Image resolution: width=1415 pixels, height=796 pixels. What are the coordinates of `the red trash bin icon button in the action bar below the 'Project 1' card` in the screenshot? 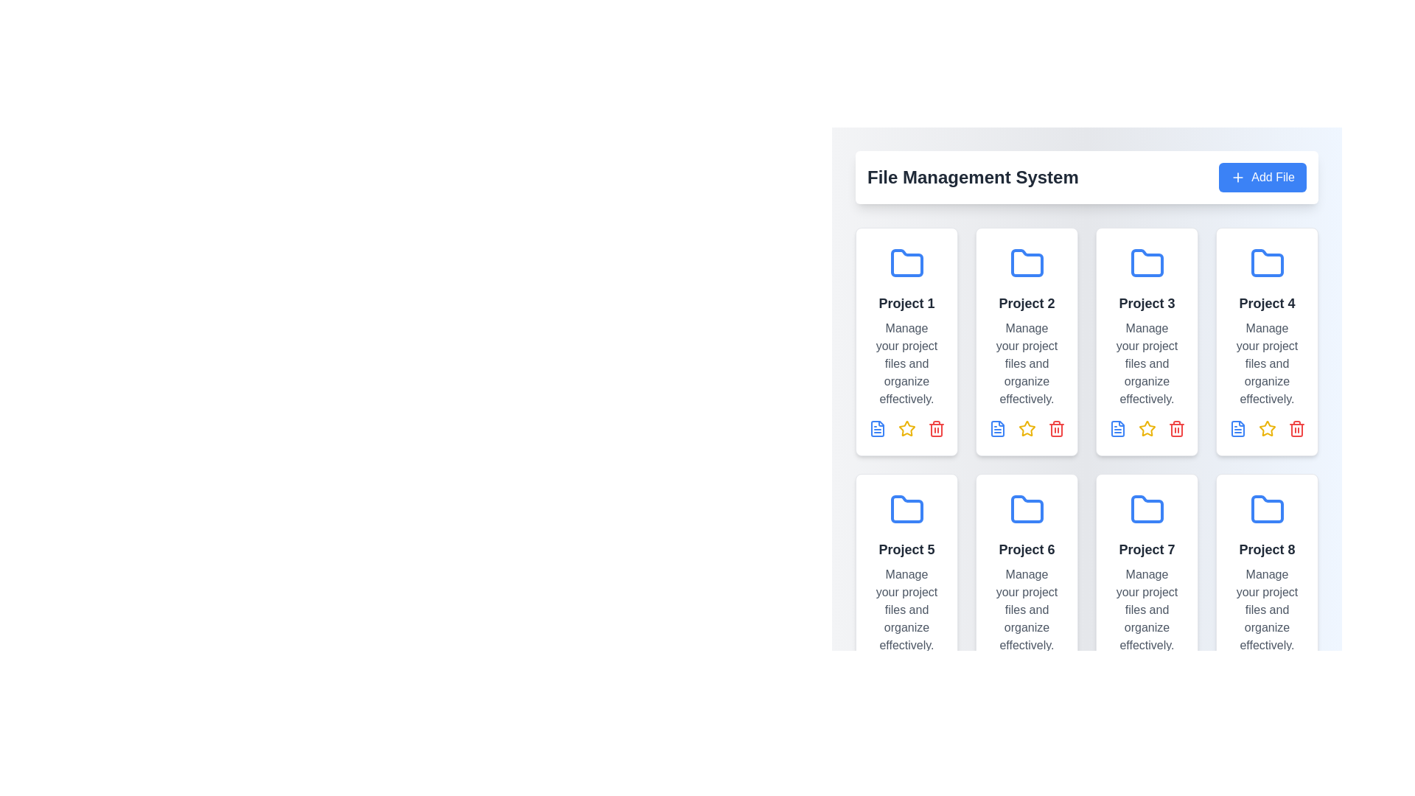 It's located at (1296, 429).